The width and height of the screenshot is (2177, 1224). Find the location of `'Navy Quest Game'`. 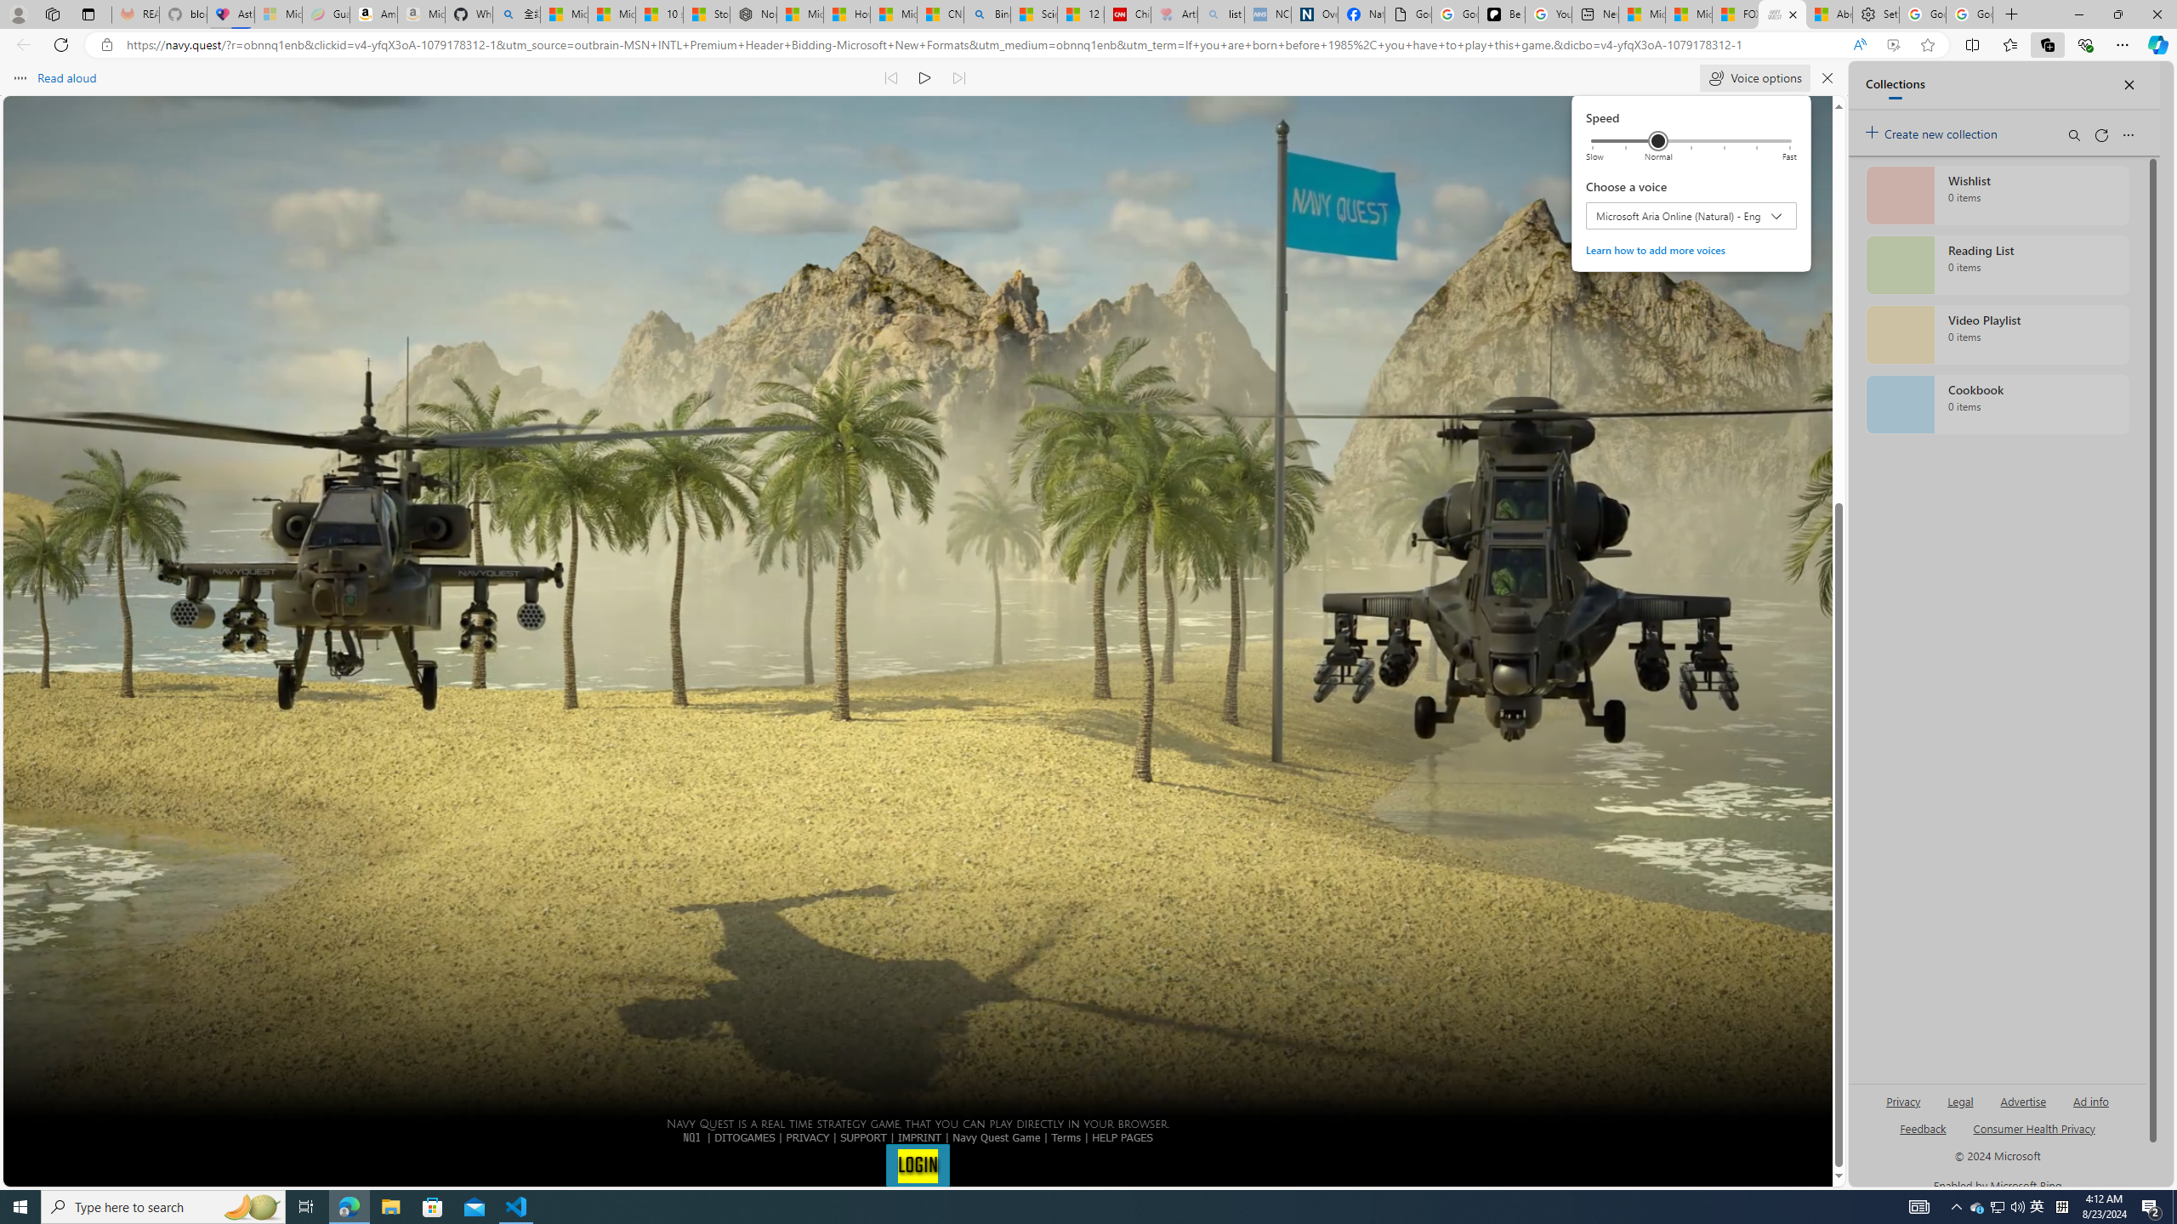

'Navy Quest Game' is located at coordinates (996, 1136).